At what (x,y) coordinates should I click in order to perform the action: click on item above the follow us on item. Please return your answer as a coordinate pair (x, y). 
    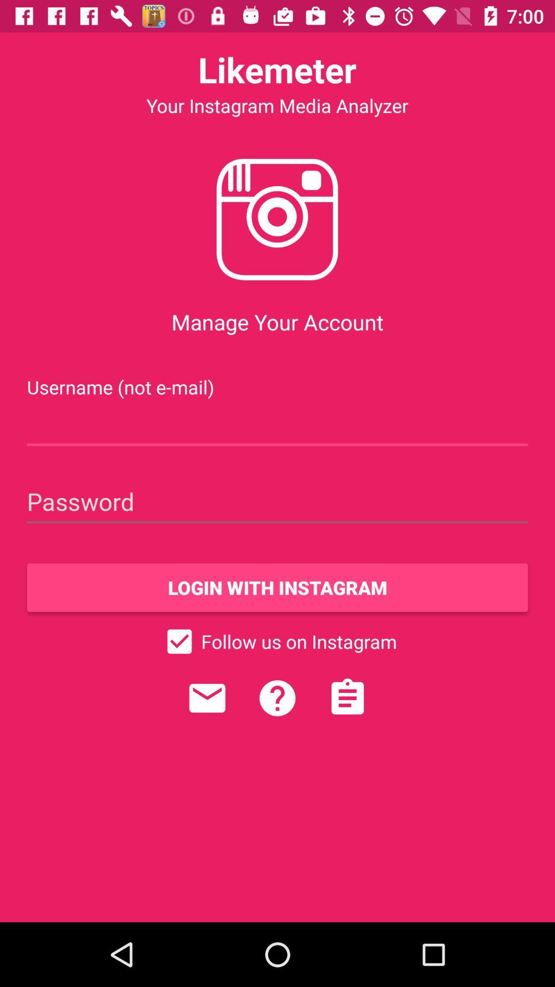
    Looking at the image, I should click on (277, 587).